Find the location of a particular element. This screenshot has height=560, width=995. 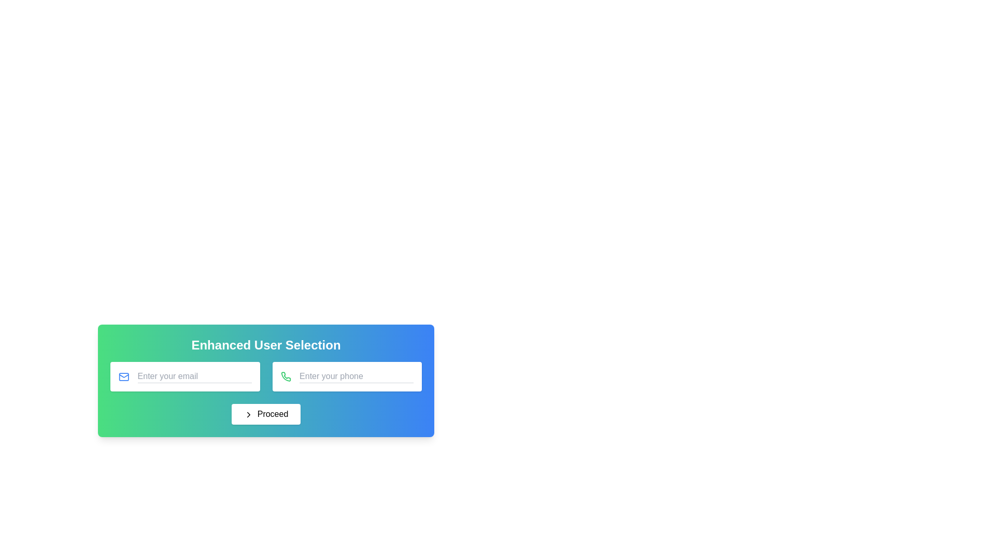

the icon representing navigation or progression associated with the 'Proceed' button located at the bottom center of the interface is located at coordinates (248, 414).